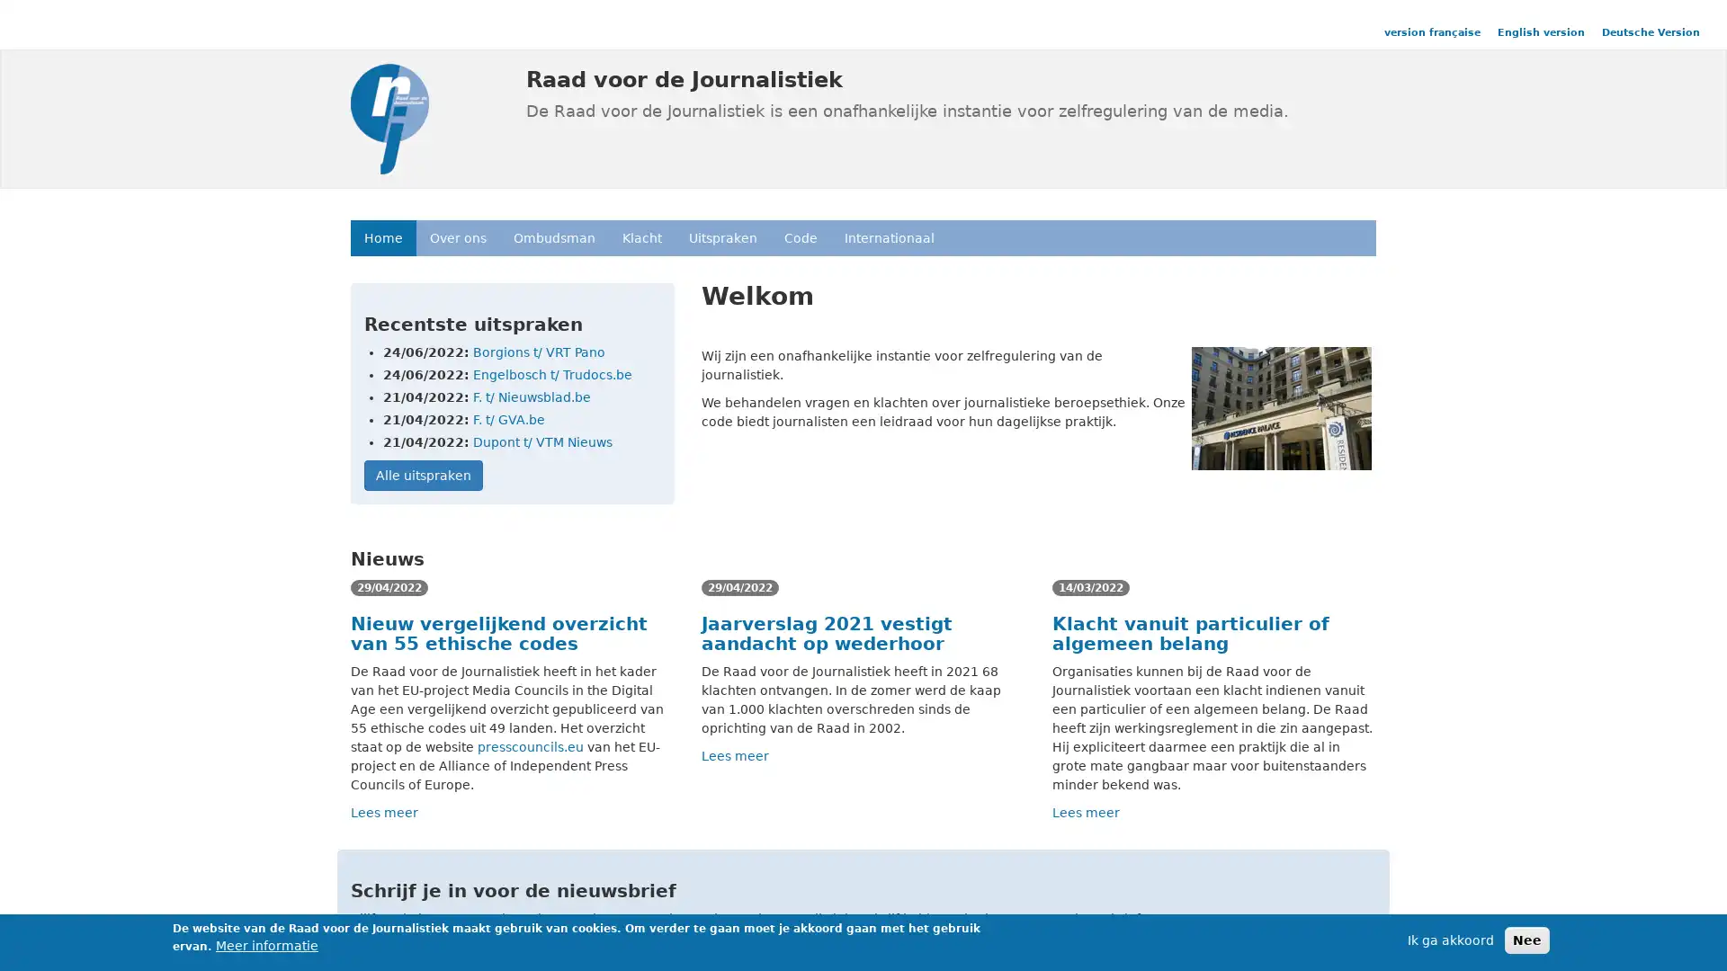 The height and width of the screenshot is (971, 1727). Describe the element at coordinates (422, 474) in the screenshot. I see `Alle uitspraken` at that location.